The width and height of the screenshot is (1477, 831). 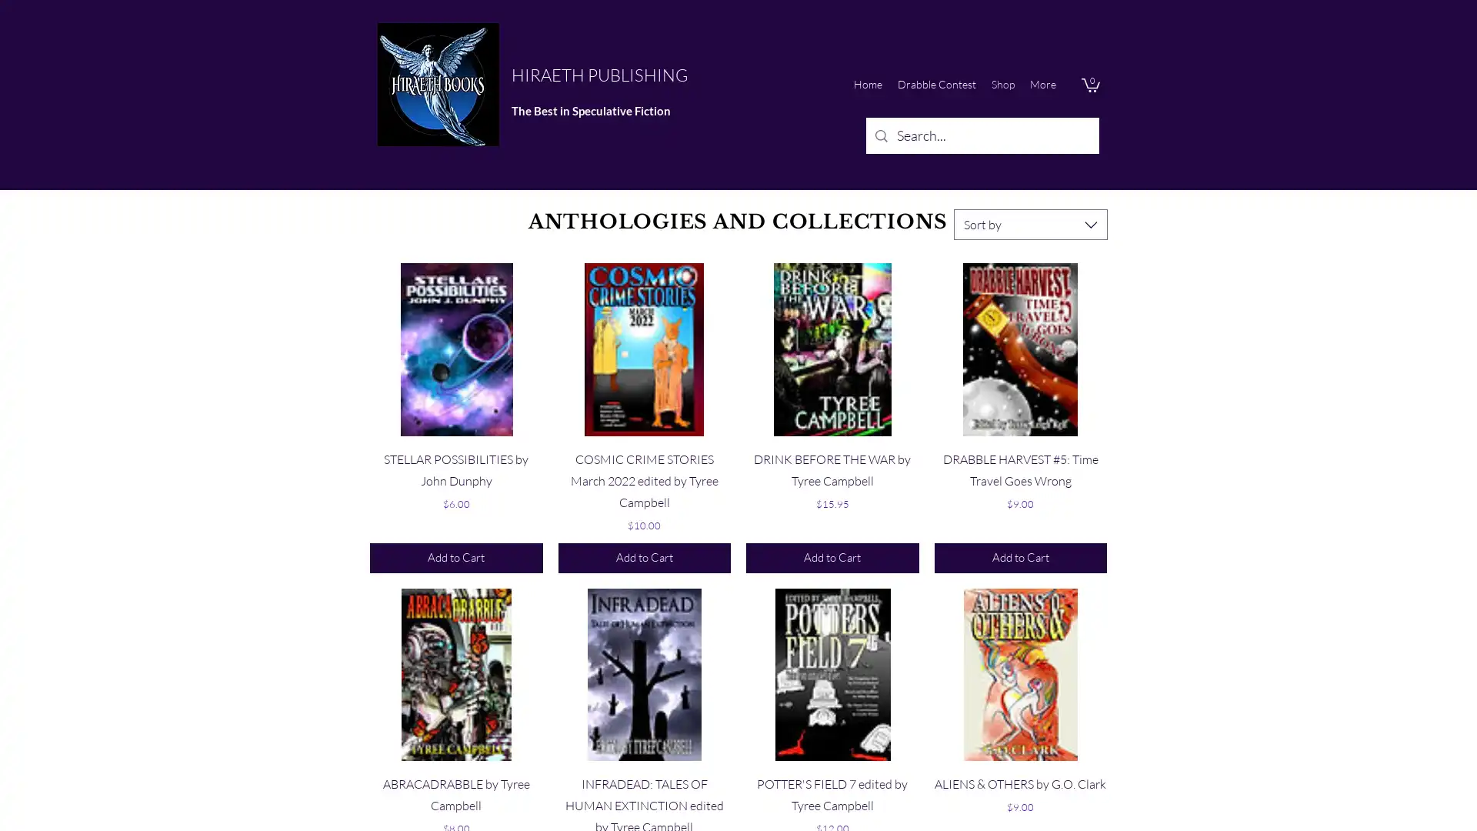 What do you see at coordinates (1020, 780) in the screenshot?
I see `Quick View` at bounding box center [1020, 780].